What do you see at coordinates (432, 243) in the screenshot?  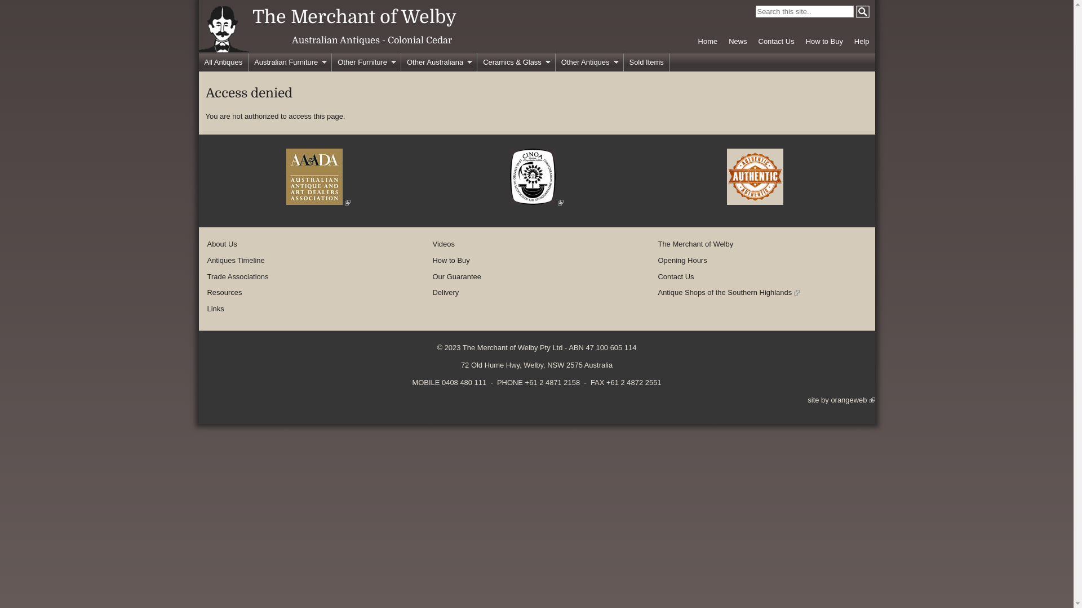 I see `'Videos'` at bounding box center [432, 243].